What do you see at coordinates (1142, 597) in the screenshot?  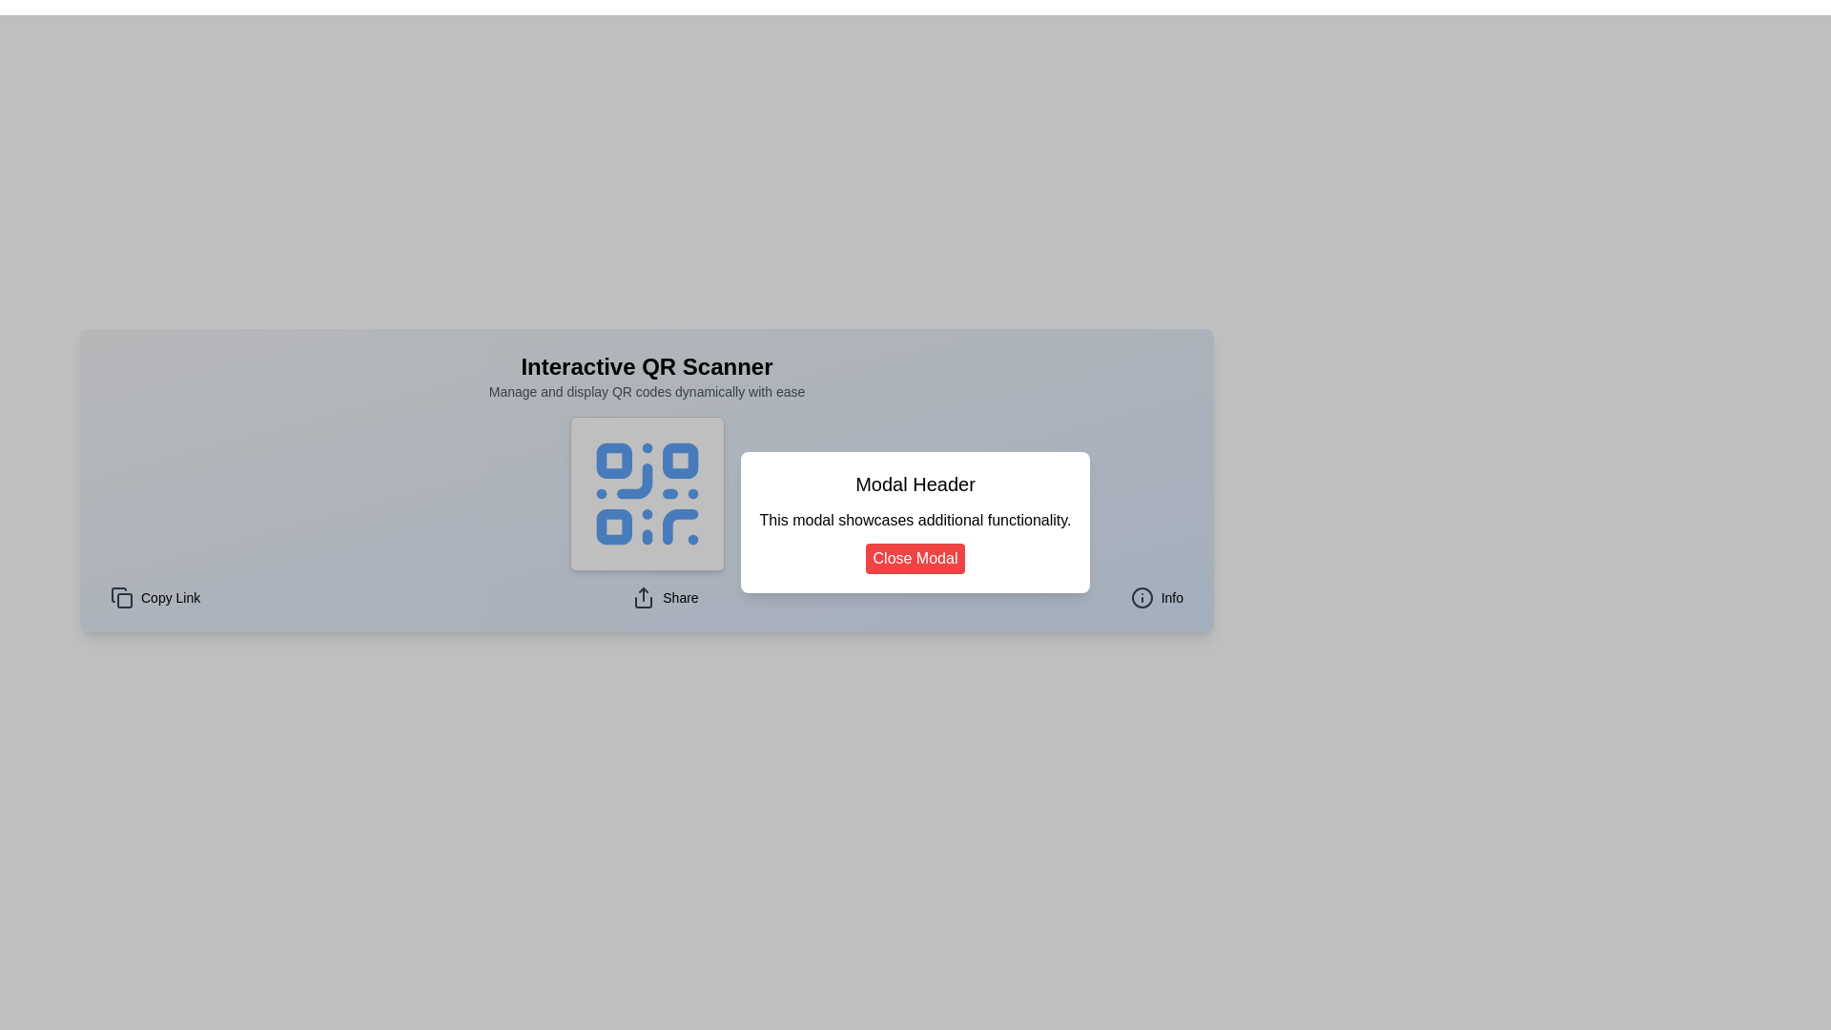 I see `the circular graphical element representing an info icon located in the bottom-right corner of the interface` at bounding box center [1142, 597].